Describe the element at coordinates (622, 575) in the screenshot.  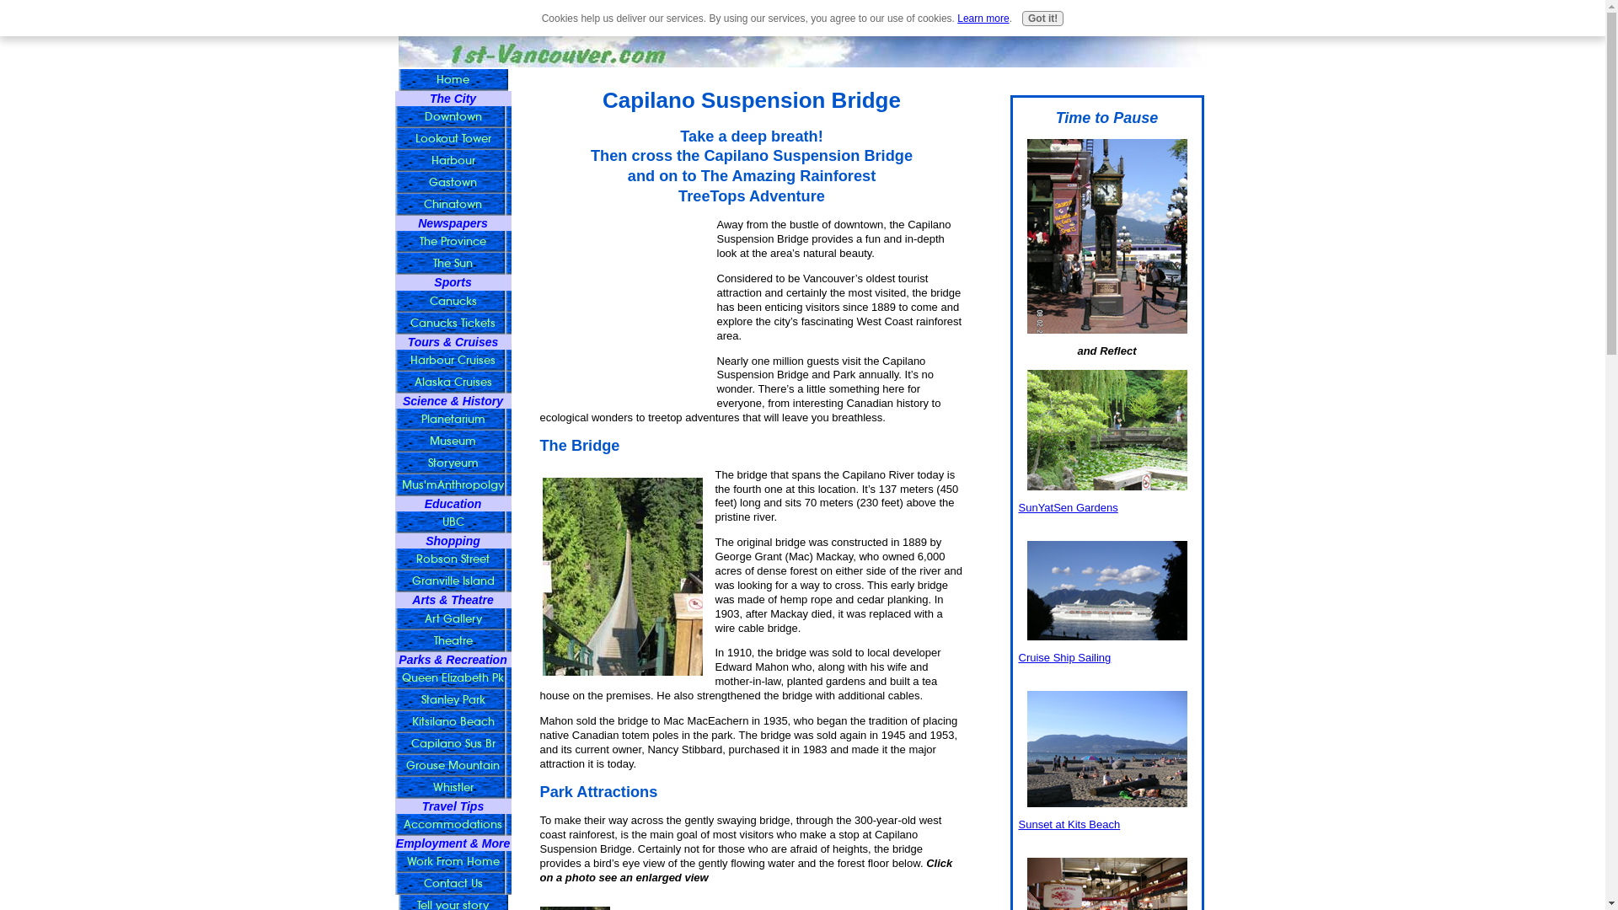
I see `'..'` at that location.